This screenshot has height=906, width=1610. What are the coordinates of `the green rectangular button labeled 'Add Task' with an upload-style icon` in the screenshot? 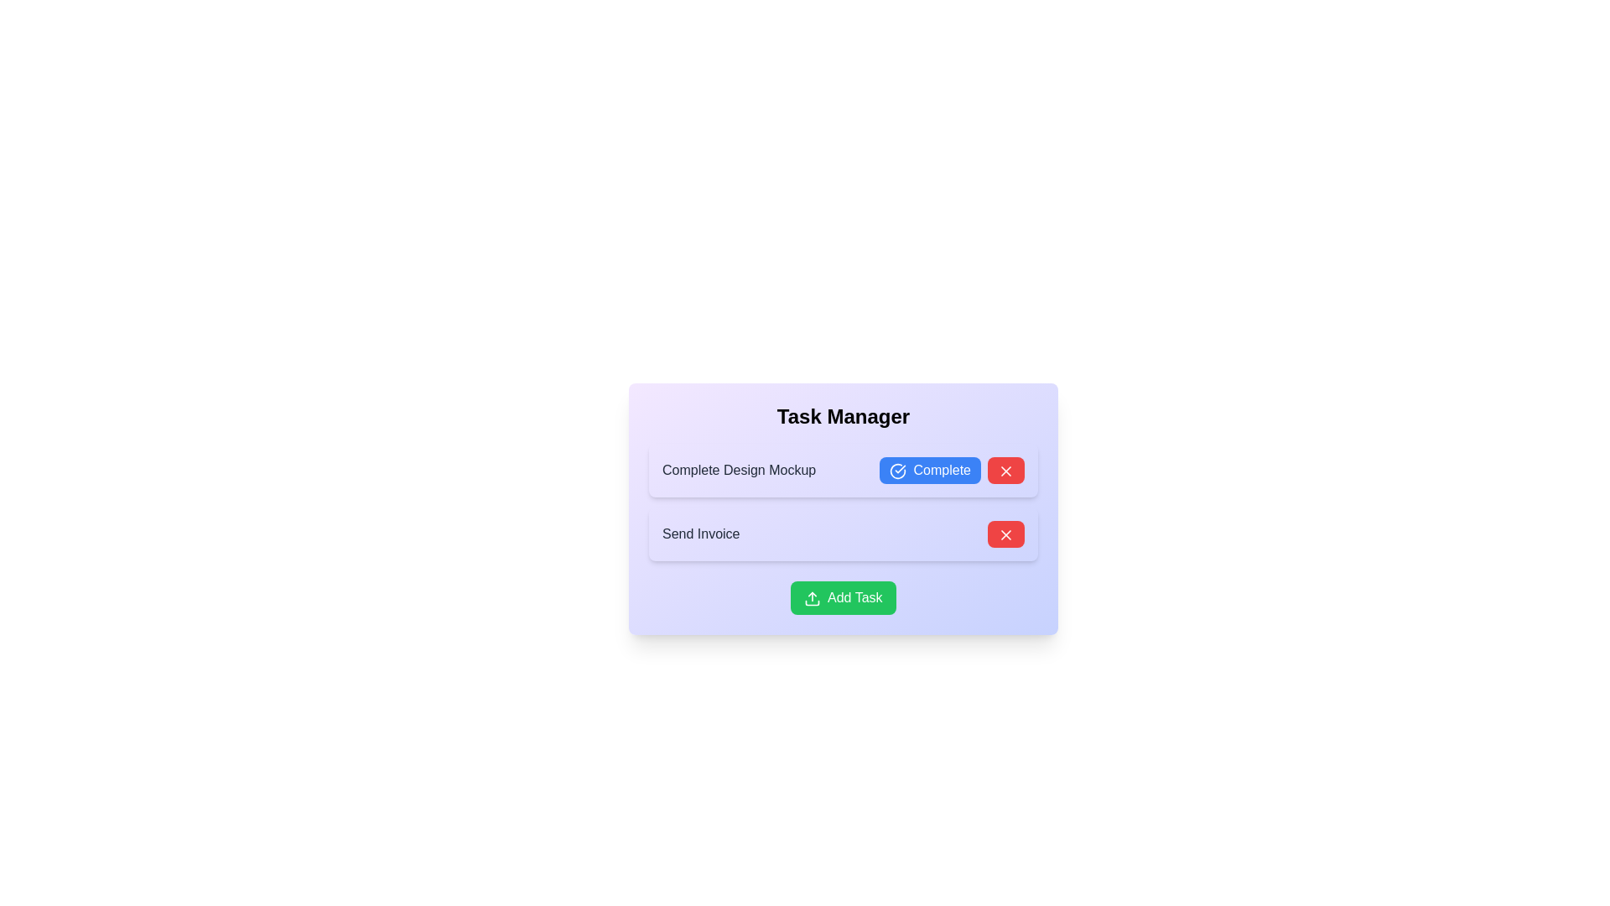 It's located at (844, 597).